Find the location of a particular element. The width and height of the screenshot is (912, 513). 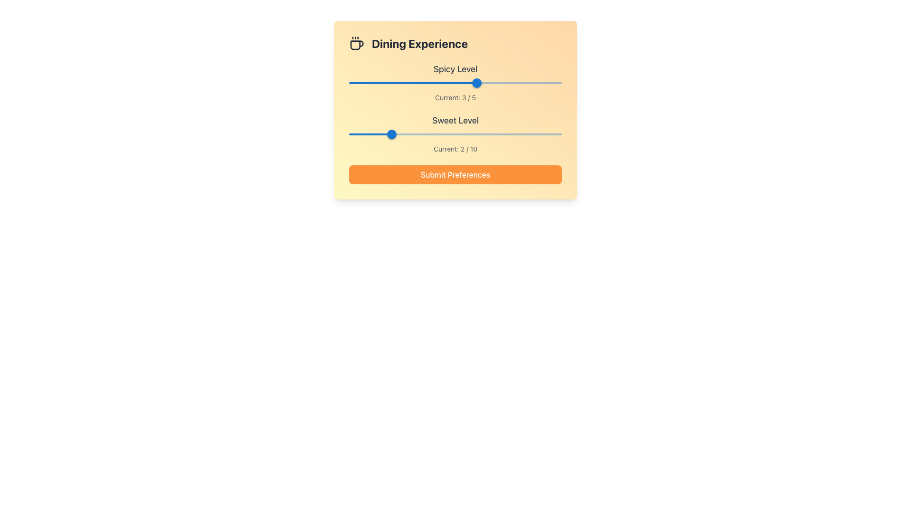

the sweet level is located at coordinates (519, 134).